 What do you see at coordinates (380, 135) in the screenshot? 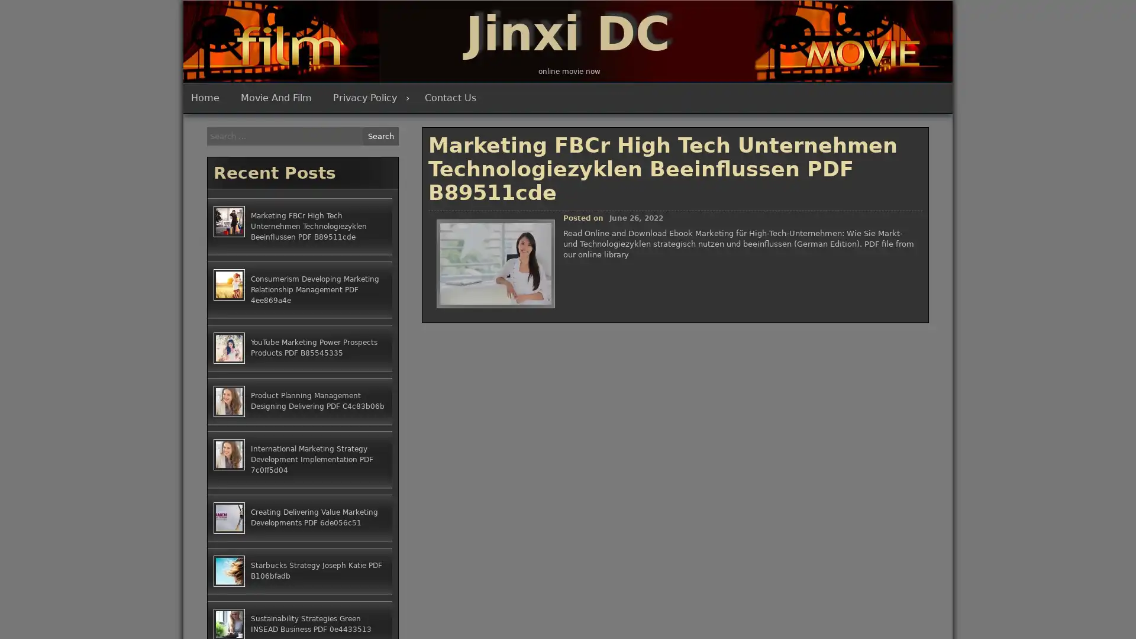
I see `Search` at bounding box center [380, 135].